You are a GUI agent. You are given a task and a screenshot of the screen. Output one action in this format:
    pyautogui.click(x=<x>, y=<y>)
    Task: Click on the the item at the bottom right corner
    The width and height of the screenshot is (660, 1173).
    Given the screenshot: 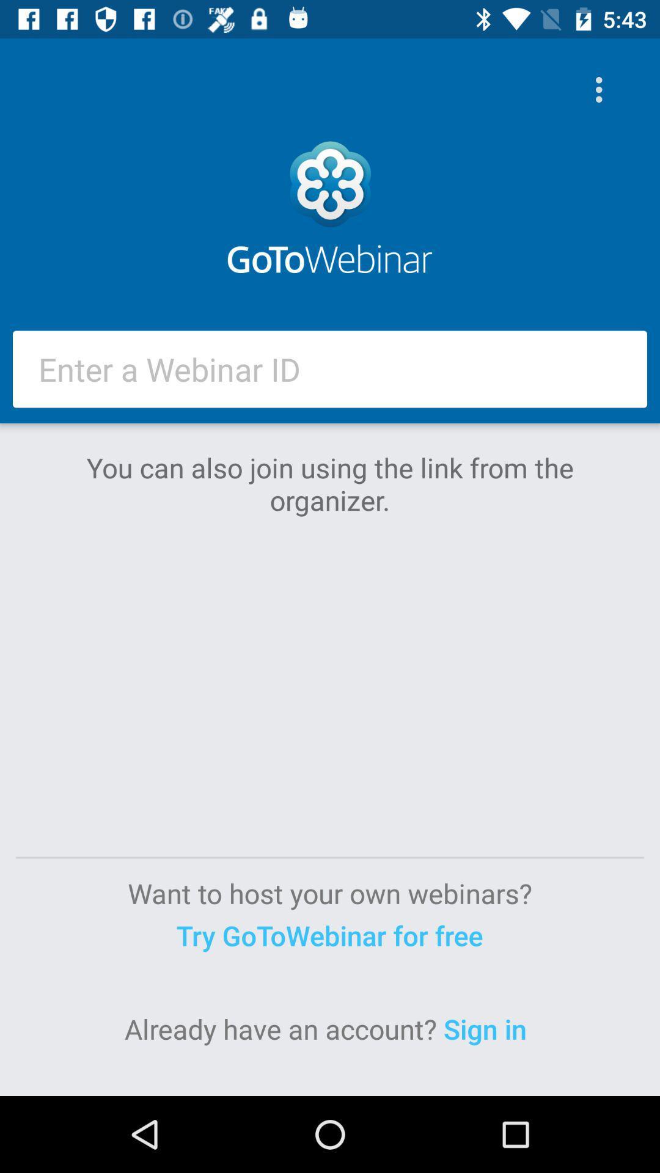 What is the action you would take?
    pyautogui.click(x=488, y=1028)
    